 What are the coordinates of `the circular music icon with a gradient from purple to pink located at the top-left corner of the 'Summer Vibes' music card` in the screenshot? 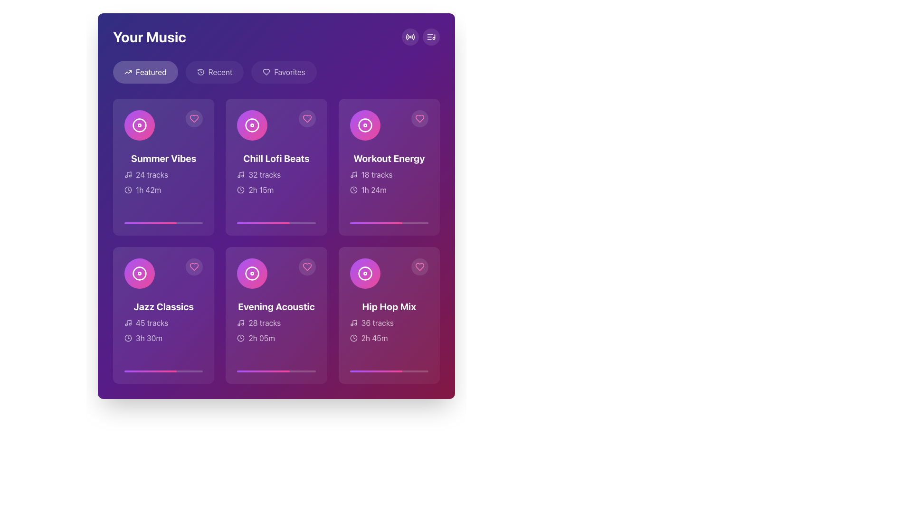 It's located at (139, 124).